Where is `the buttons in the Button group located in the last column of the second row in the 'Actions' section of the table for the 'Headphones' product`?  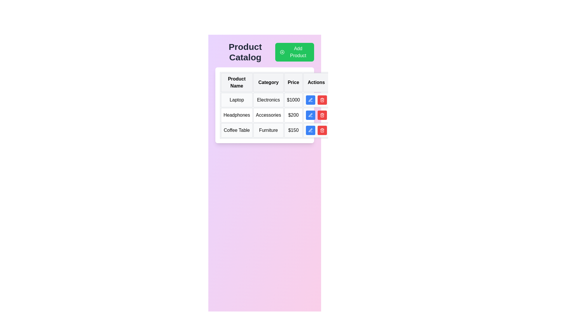
the buttons in the Button group located in the last column of the second row in the 'Actions' section of the table for the 'Headphones' product is located at coordinates (316, 115).